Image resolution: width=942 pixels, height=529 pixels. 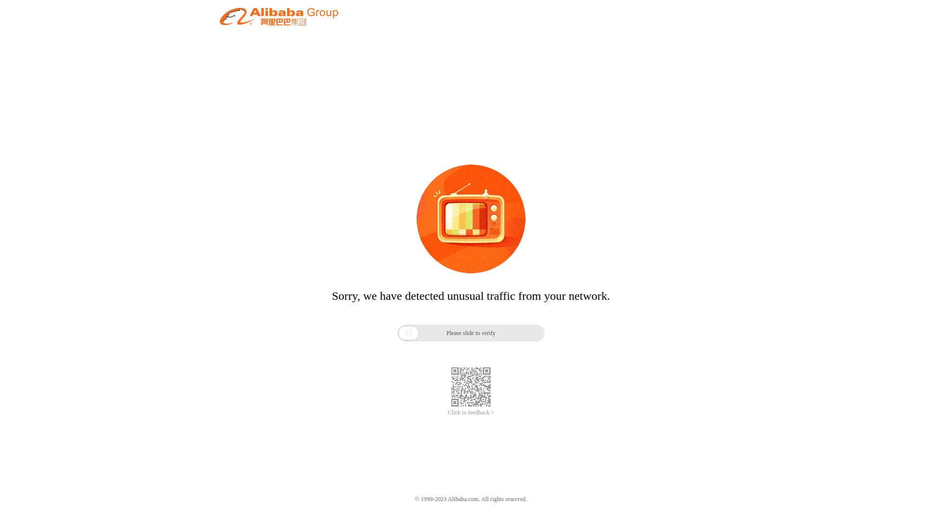 I want to click on 'Click to feedback >', so click(x=447, y=412).